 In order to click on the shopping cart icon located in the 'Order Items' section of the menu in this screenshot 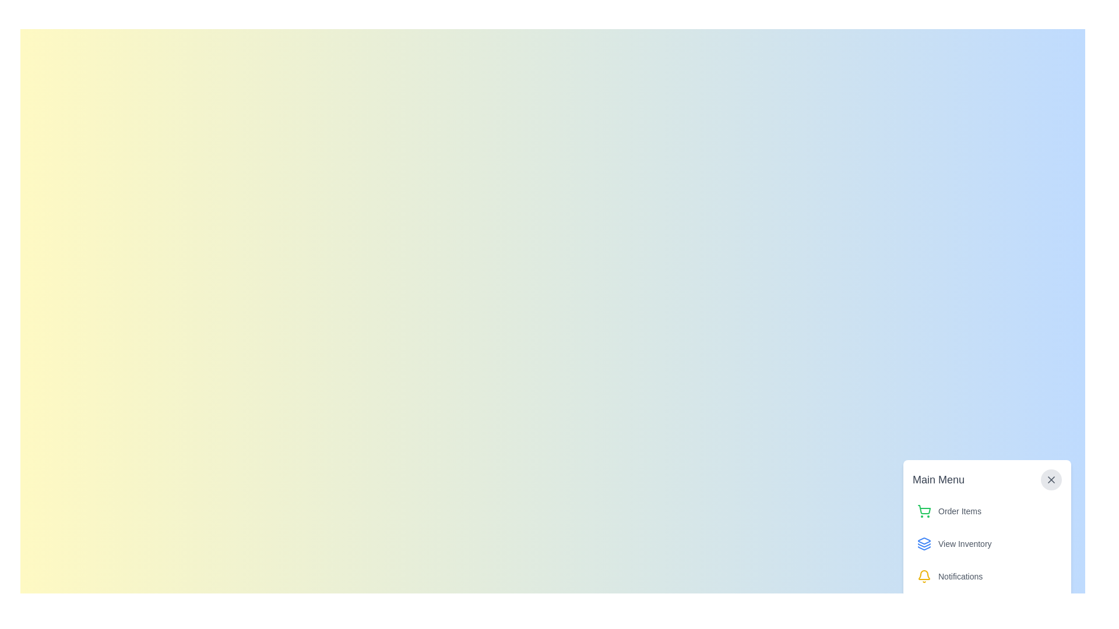, I will do `click(924, 509)`.